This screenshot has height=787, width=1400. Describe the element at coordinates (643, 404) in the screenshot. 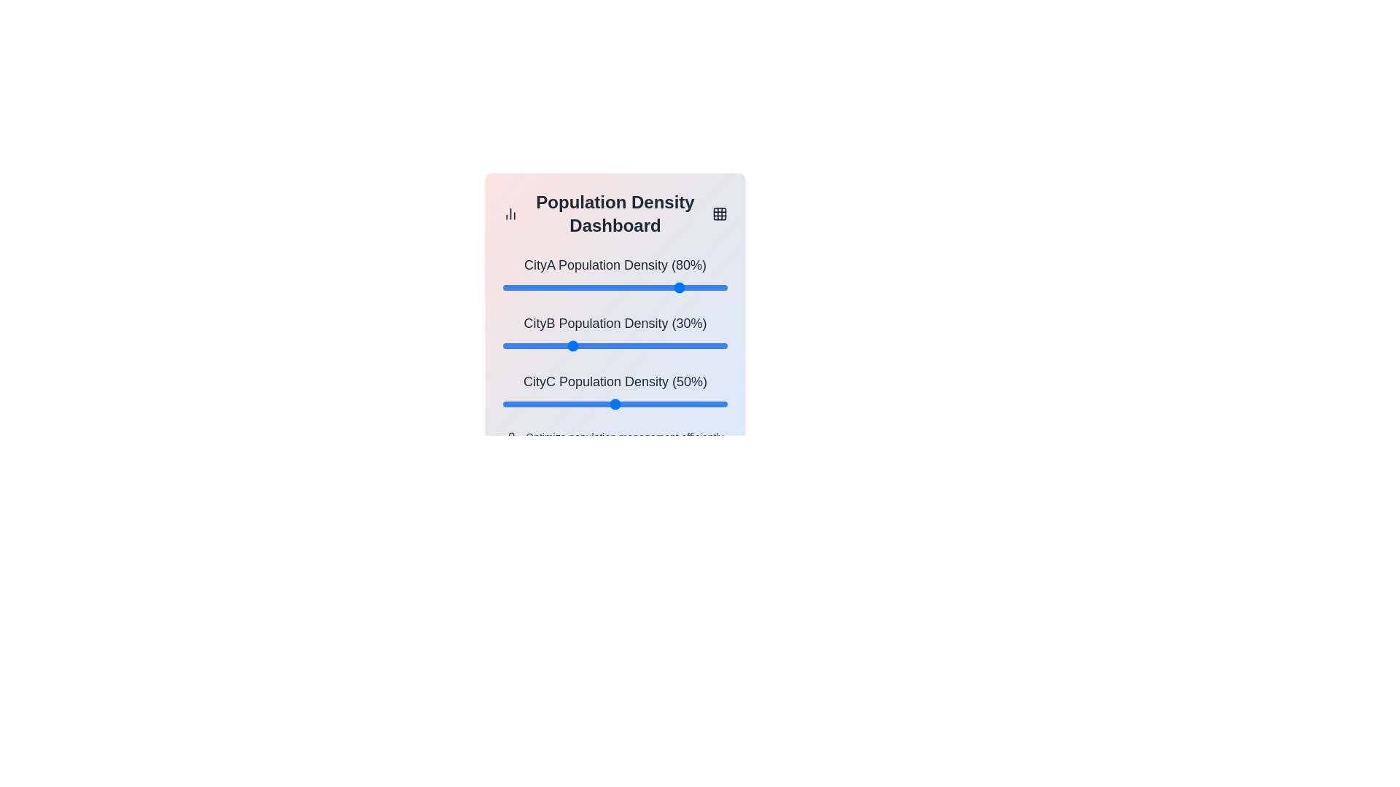

I see `the CityC population density slider to 63%` at that location.